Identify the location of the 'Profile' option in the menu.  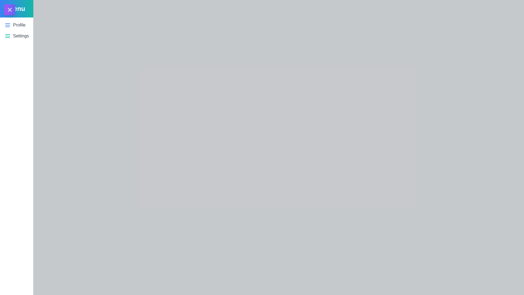
(19, 25).